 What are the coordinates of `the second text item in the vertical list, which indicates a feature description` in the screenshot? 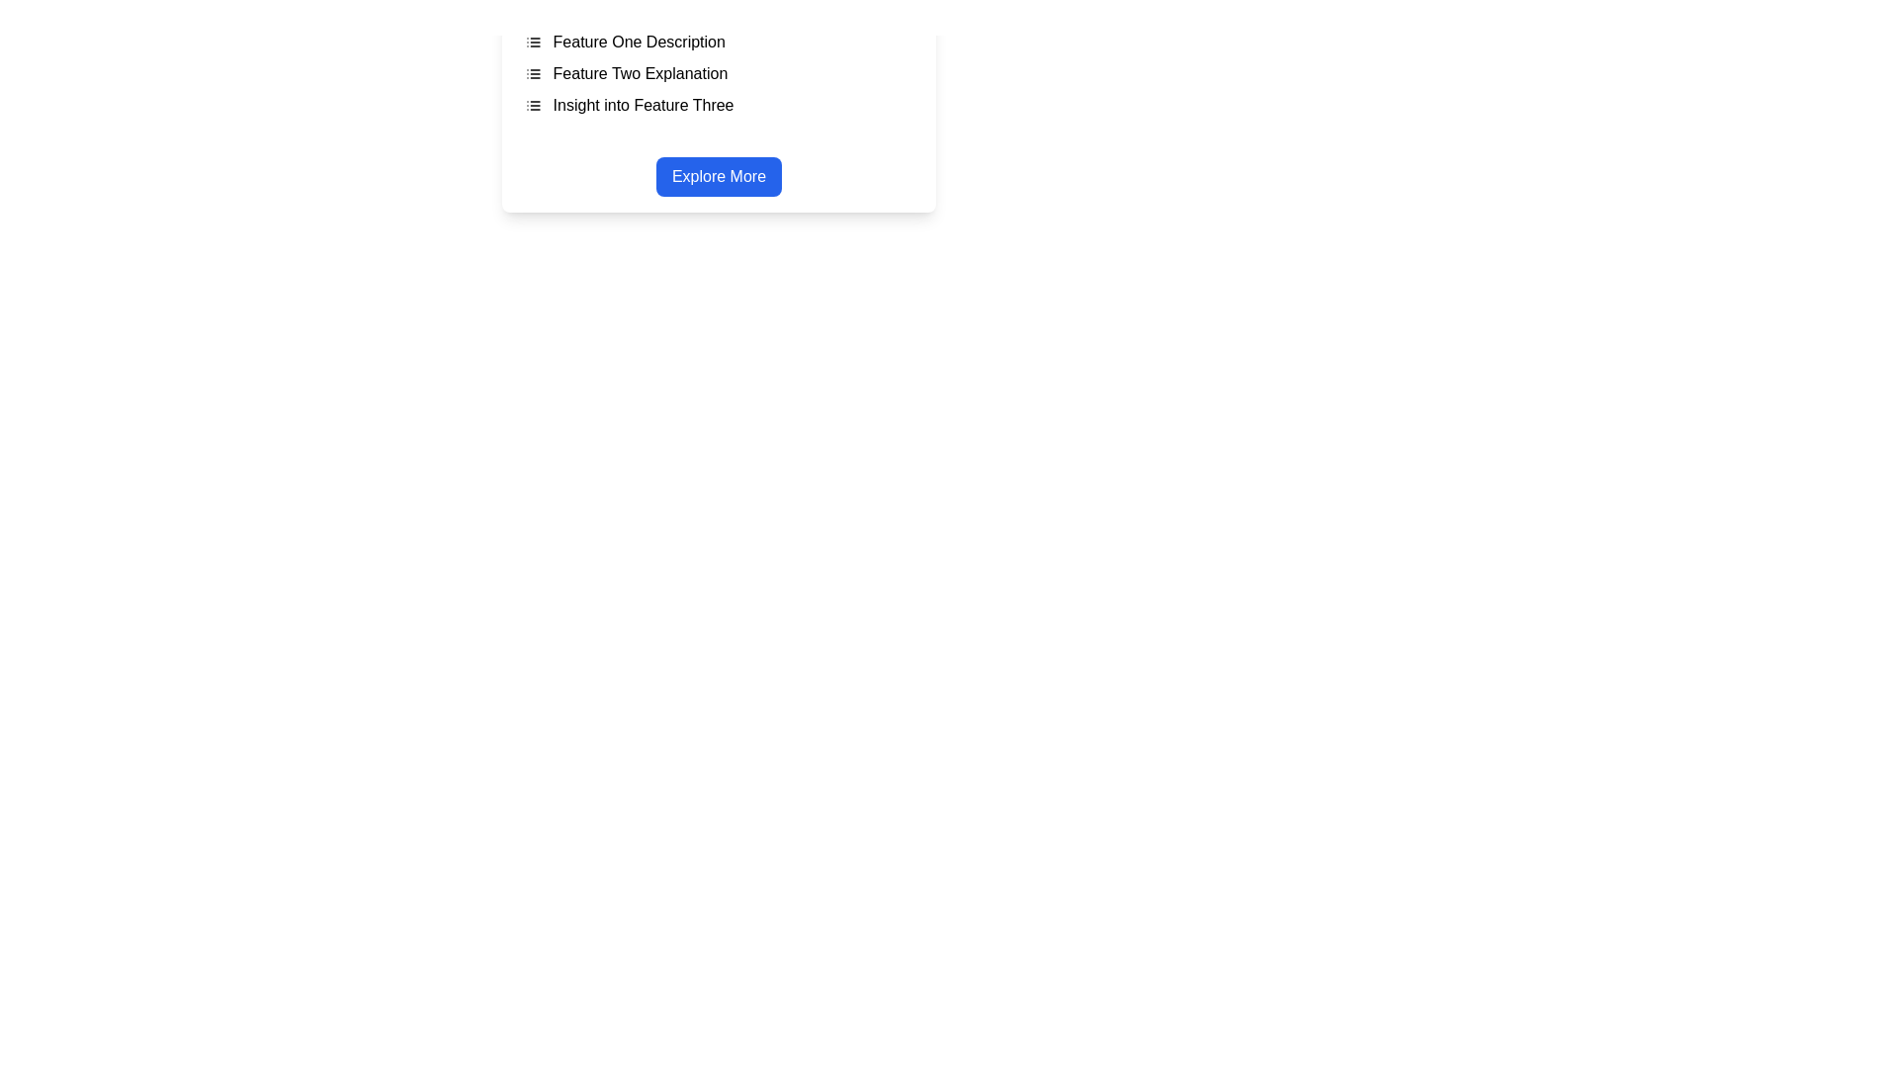 It's located at (641, 72).